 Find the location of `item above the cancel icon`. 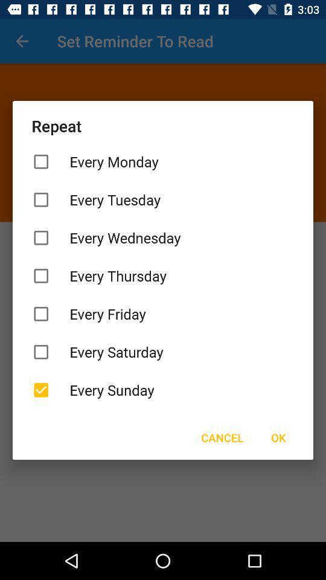

item above the cancel icon is located at coordinates (163, 389).